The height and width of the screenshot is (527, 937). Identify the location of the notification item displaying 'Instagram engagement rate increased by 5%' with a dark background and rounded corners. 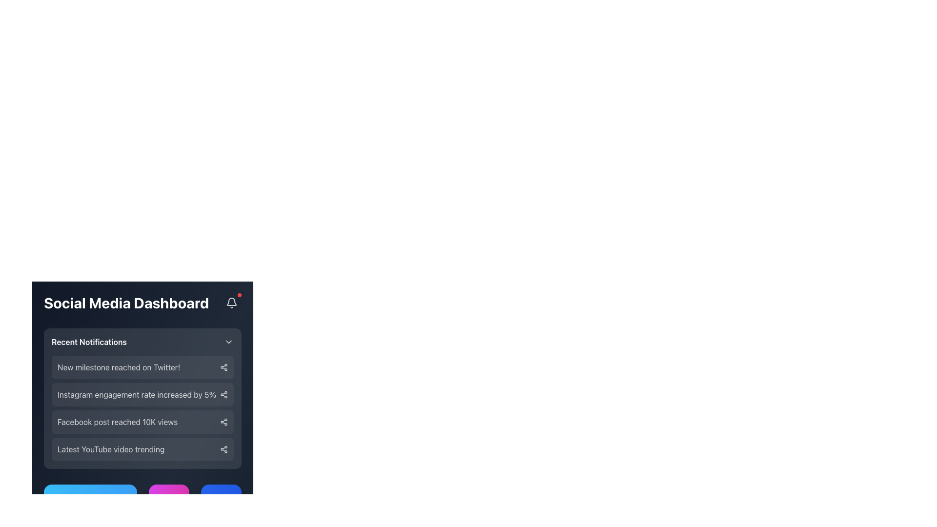
(142, 394).